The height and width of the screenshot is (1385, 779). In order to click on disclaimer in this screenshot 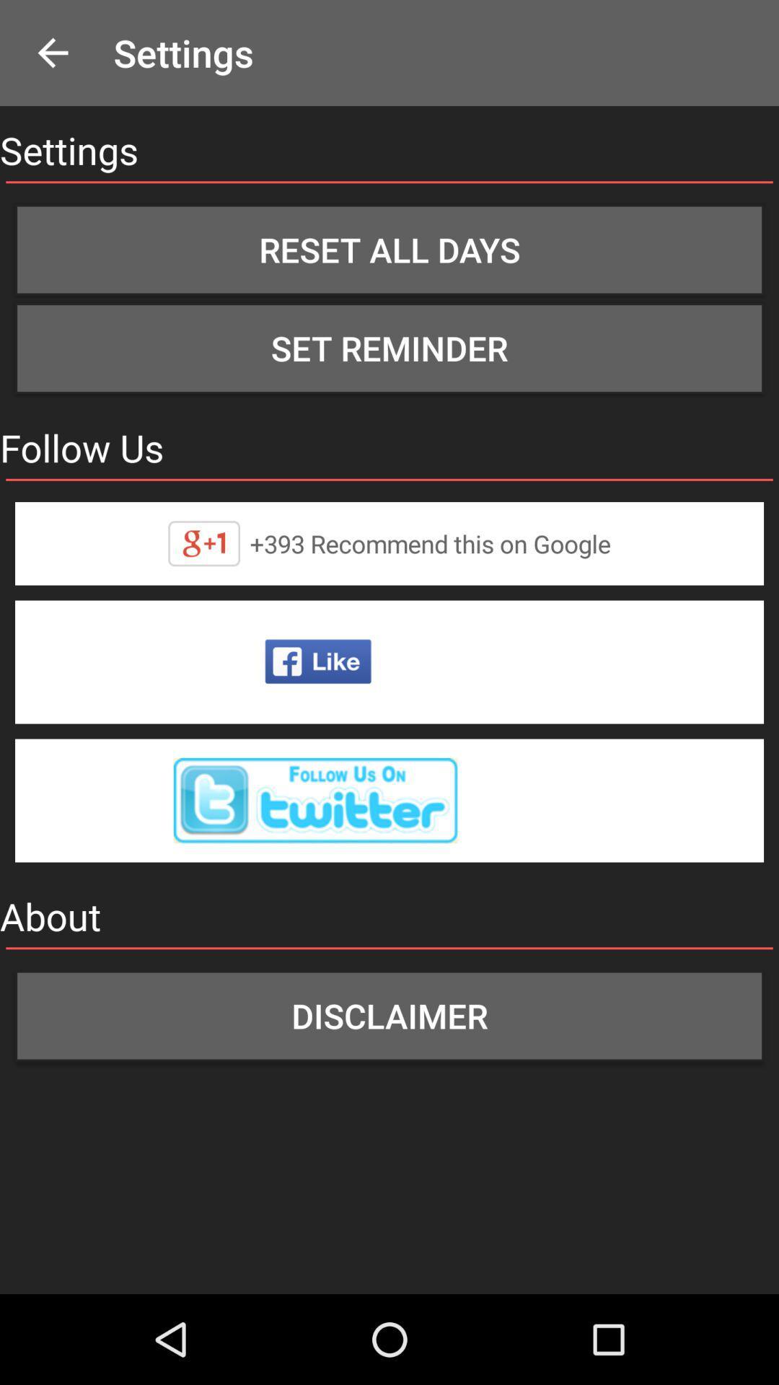, I will do `click(389, 1015)`.